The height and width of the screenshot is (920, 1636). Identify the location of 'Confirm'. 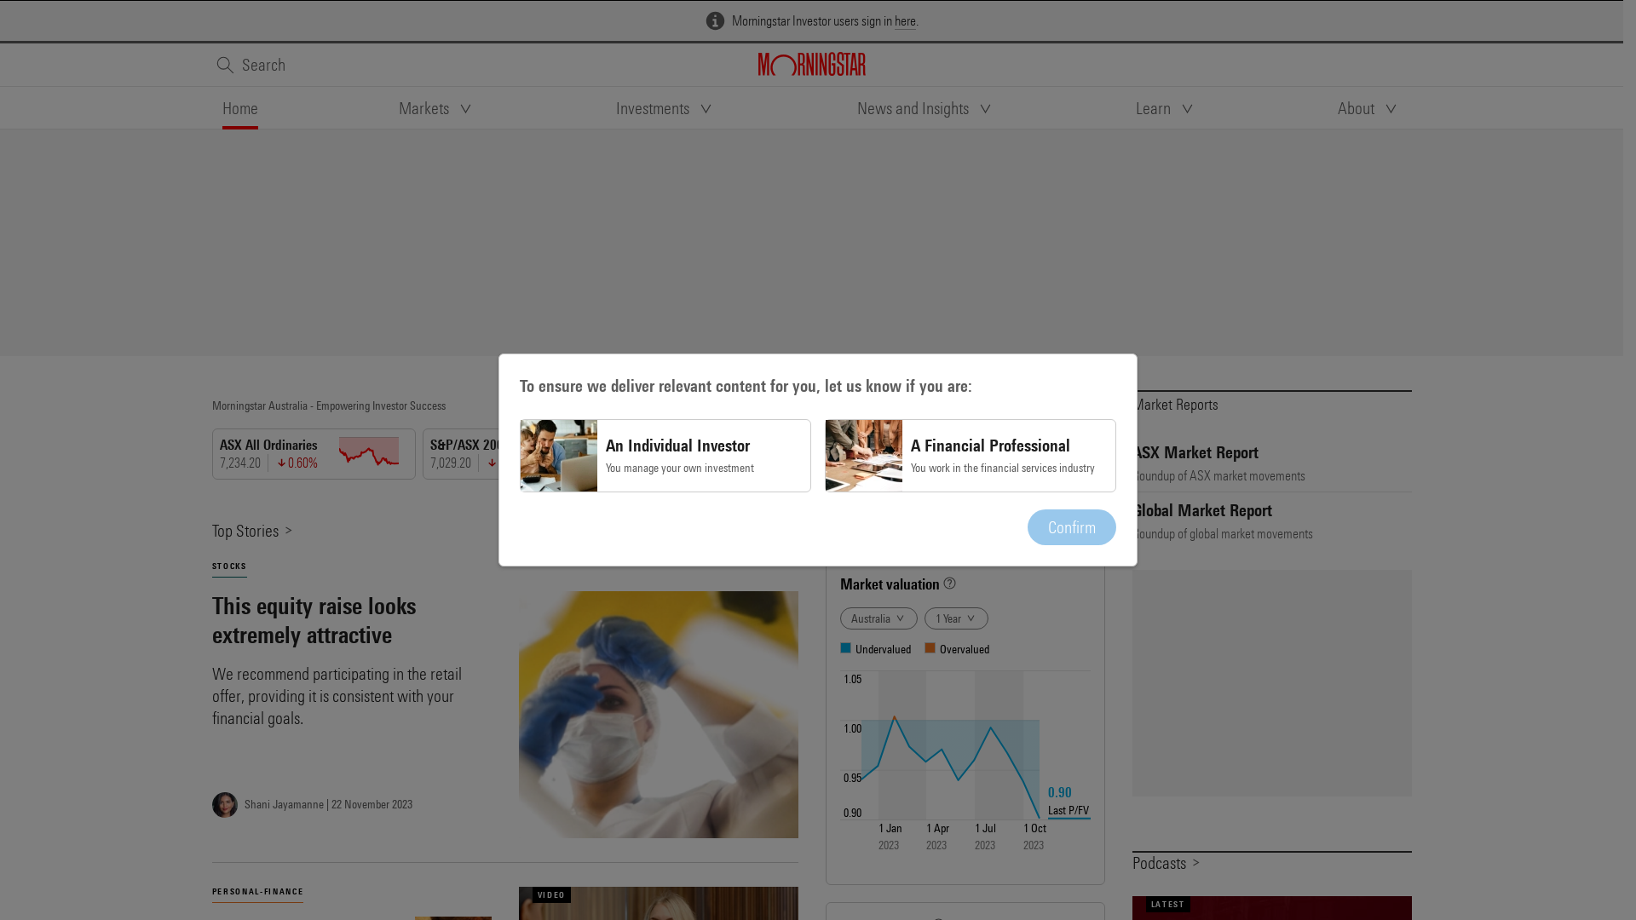
(1070, 526).